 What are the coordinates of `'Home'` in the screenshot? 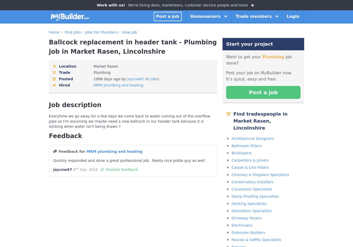 It's located at (54, 32).